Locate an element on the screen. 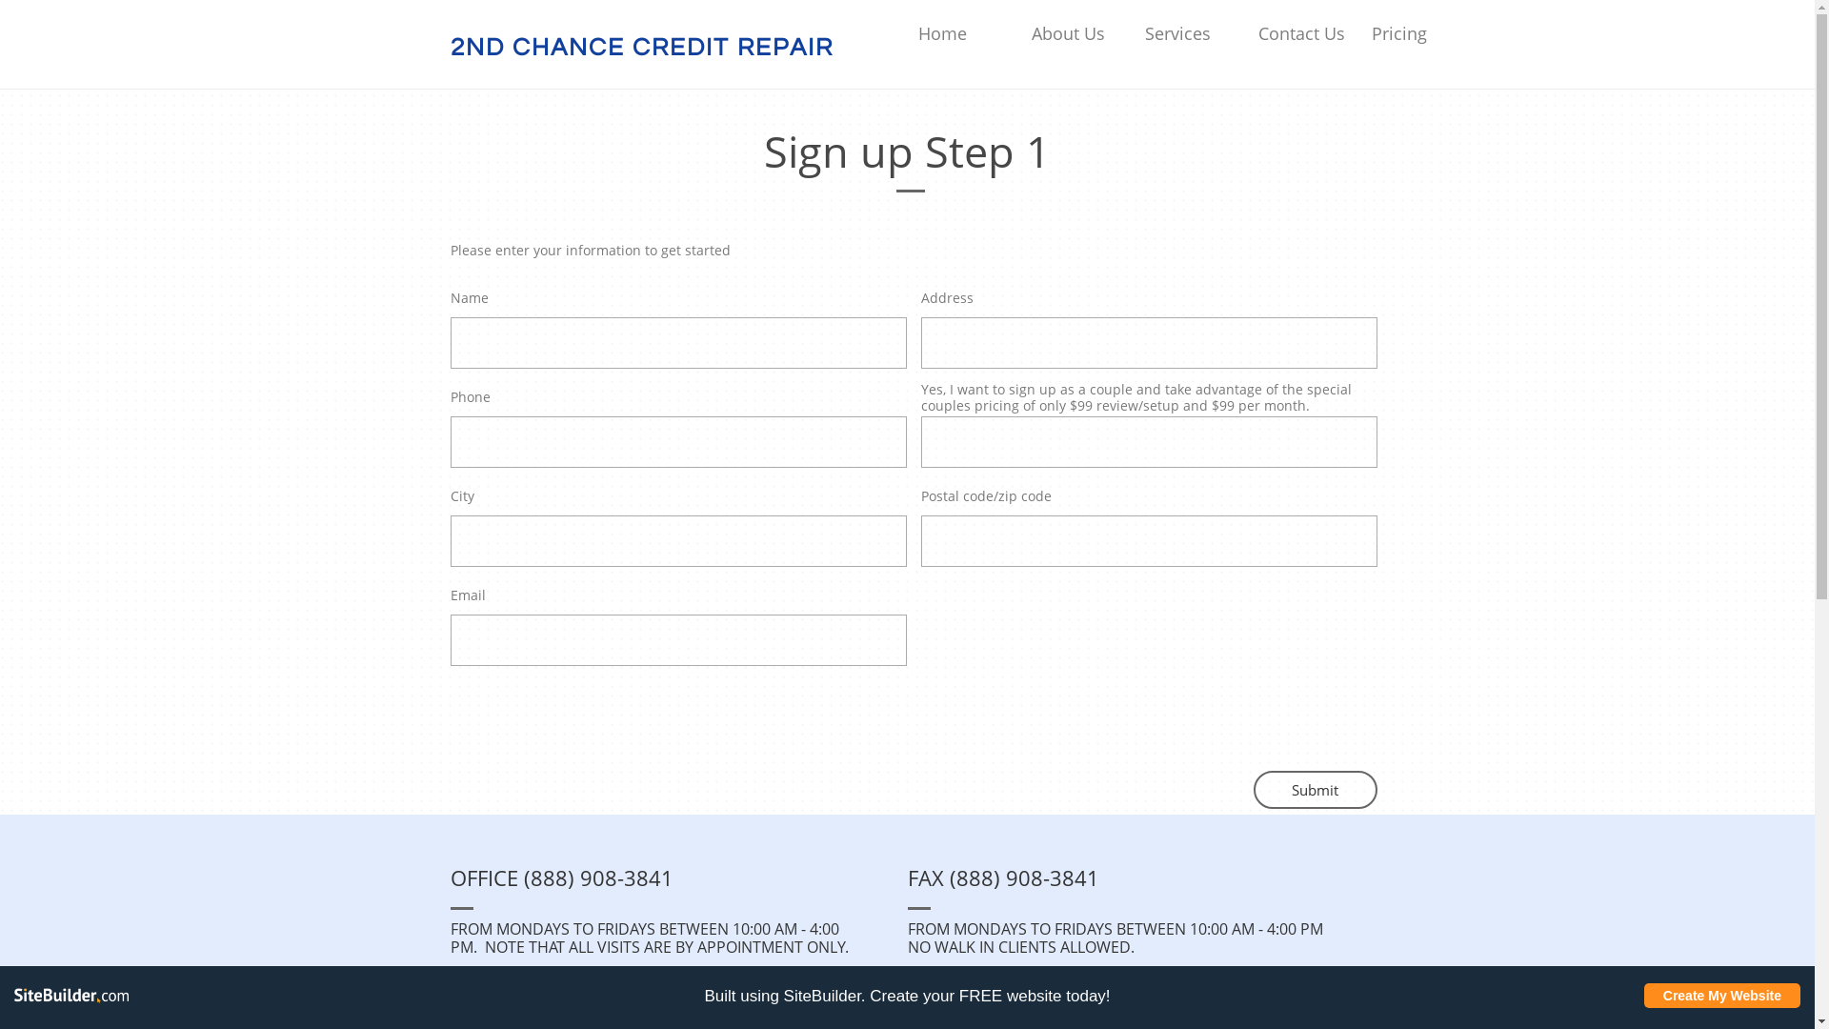  'Pricing' is located at coordinates (1372, 33).